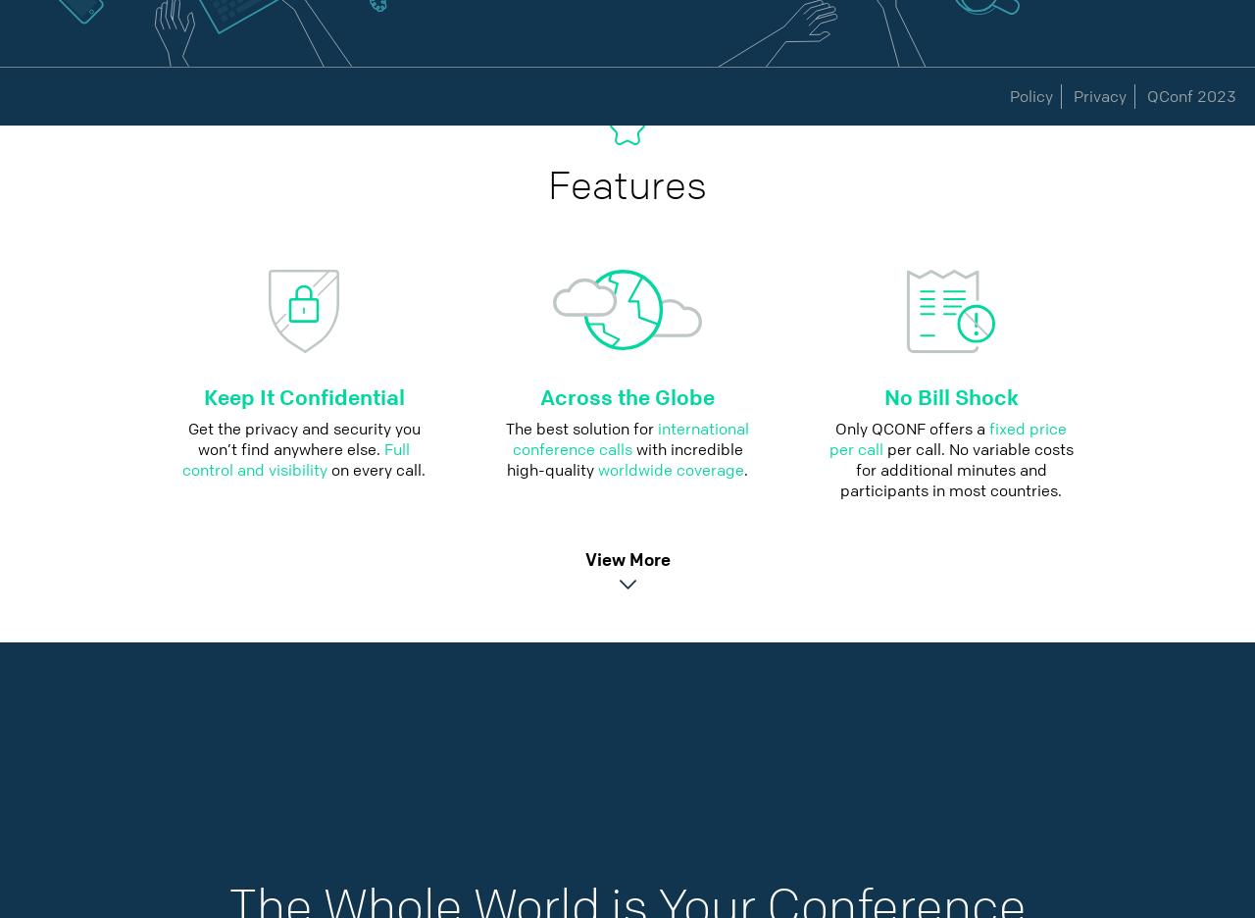  I want to click on 'fixed price per call', so click(947, 438).